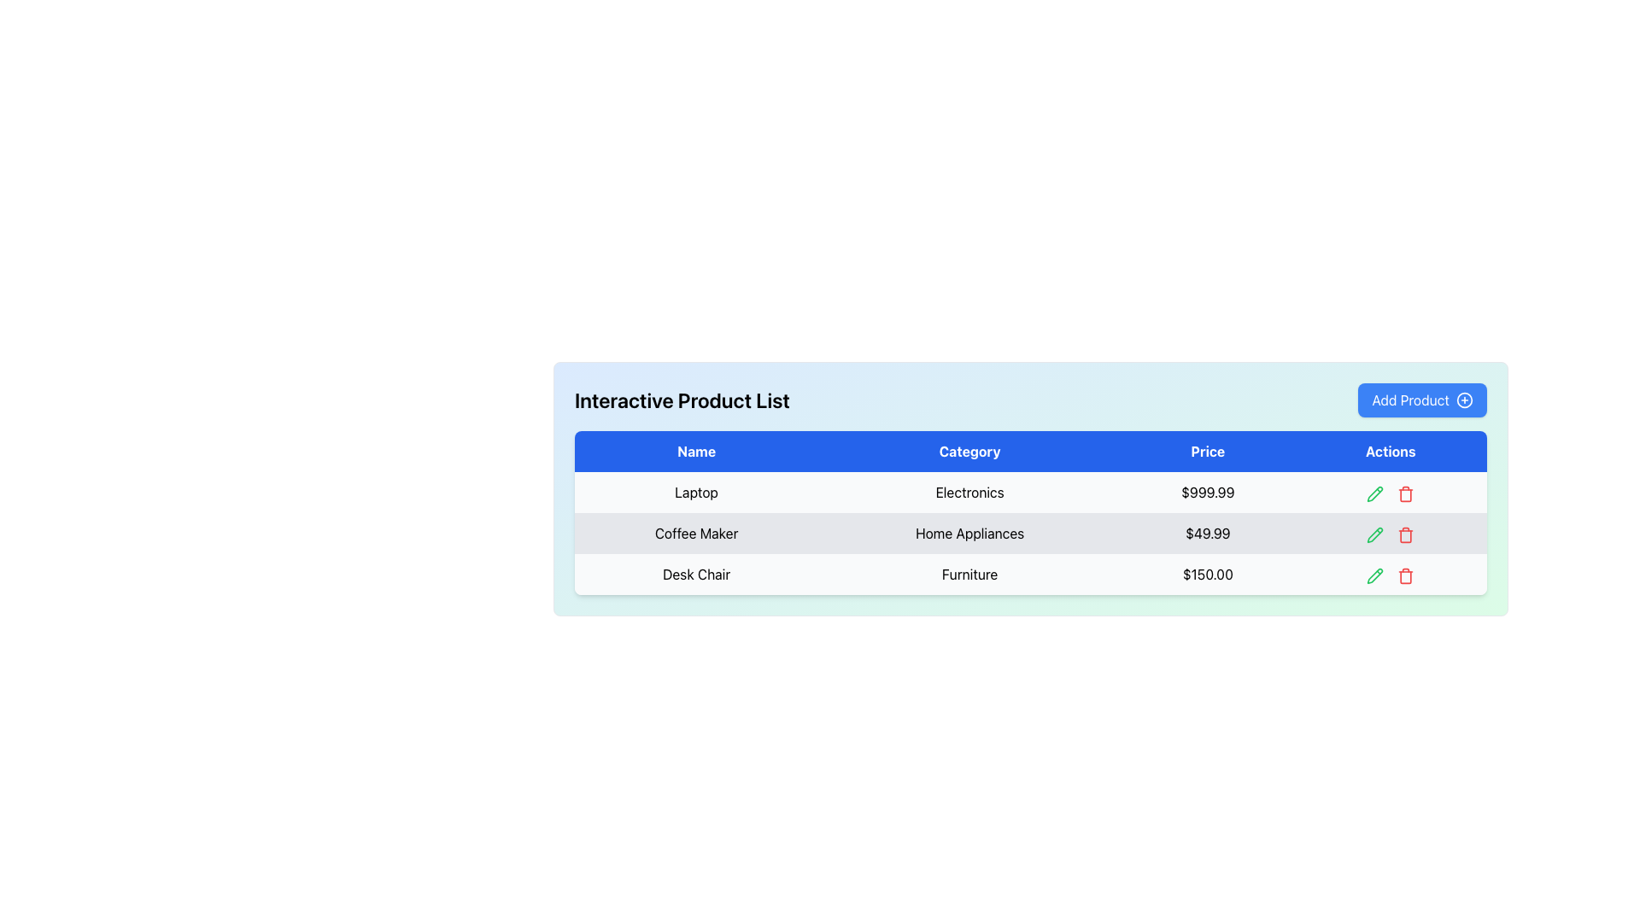 This screenshot has width=1640, height=922. What do you see at coordinates (1406, 495) in the screenshot?
I see `the middle segment of the trash can icon in the 'Actions' column of the product list's table` at bounding box center [1406, 495].